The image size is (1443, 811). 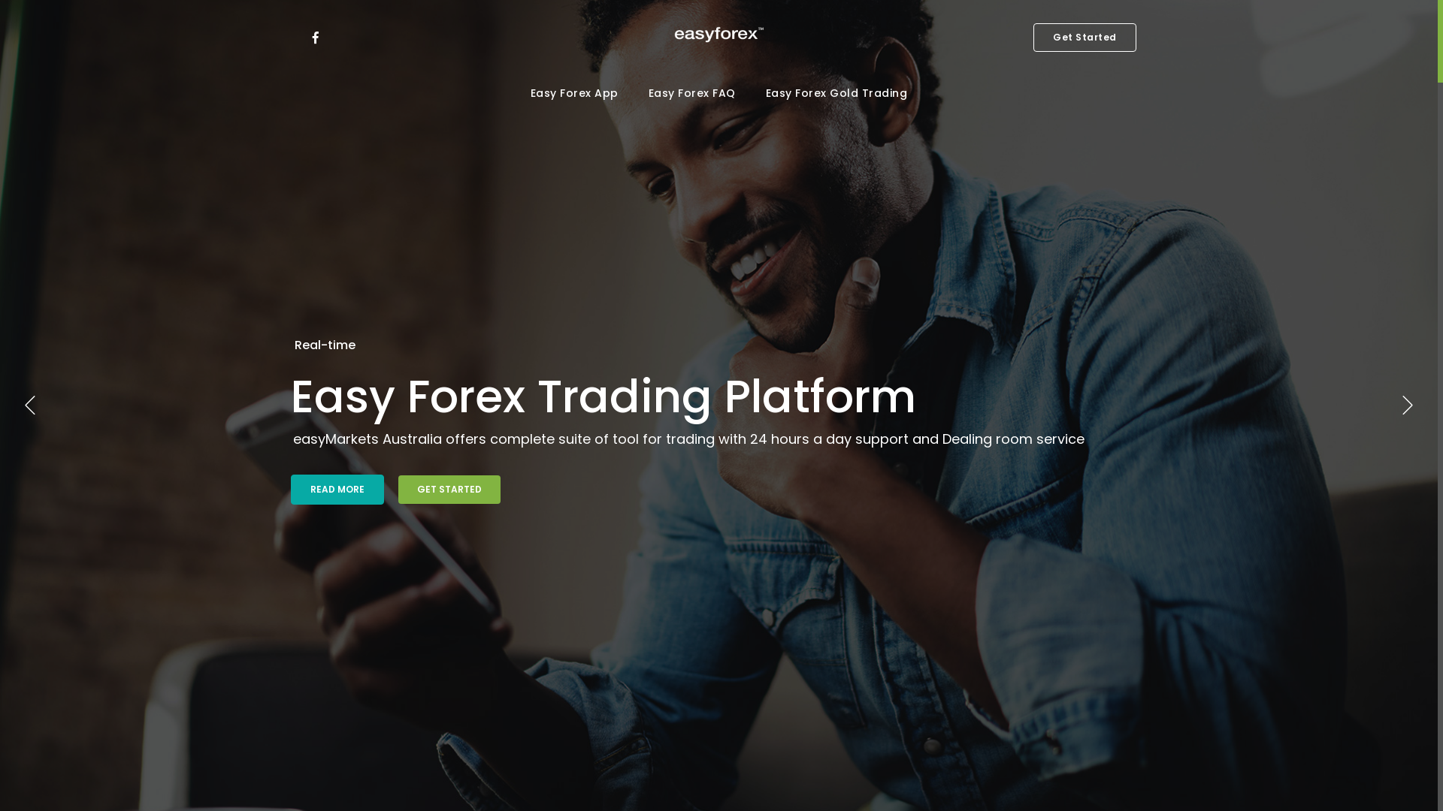 What do you see at coordinates (449, 489) in the screenshot?
I see `'GET STARTED'` at bounding box center [449, 489].